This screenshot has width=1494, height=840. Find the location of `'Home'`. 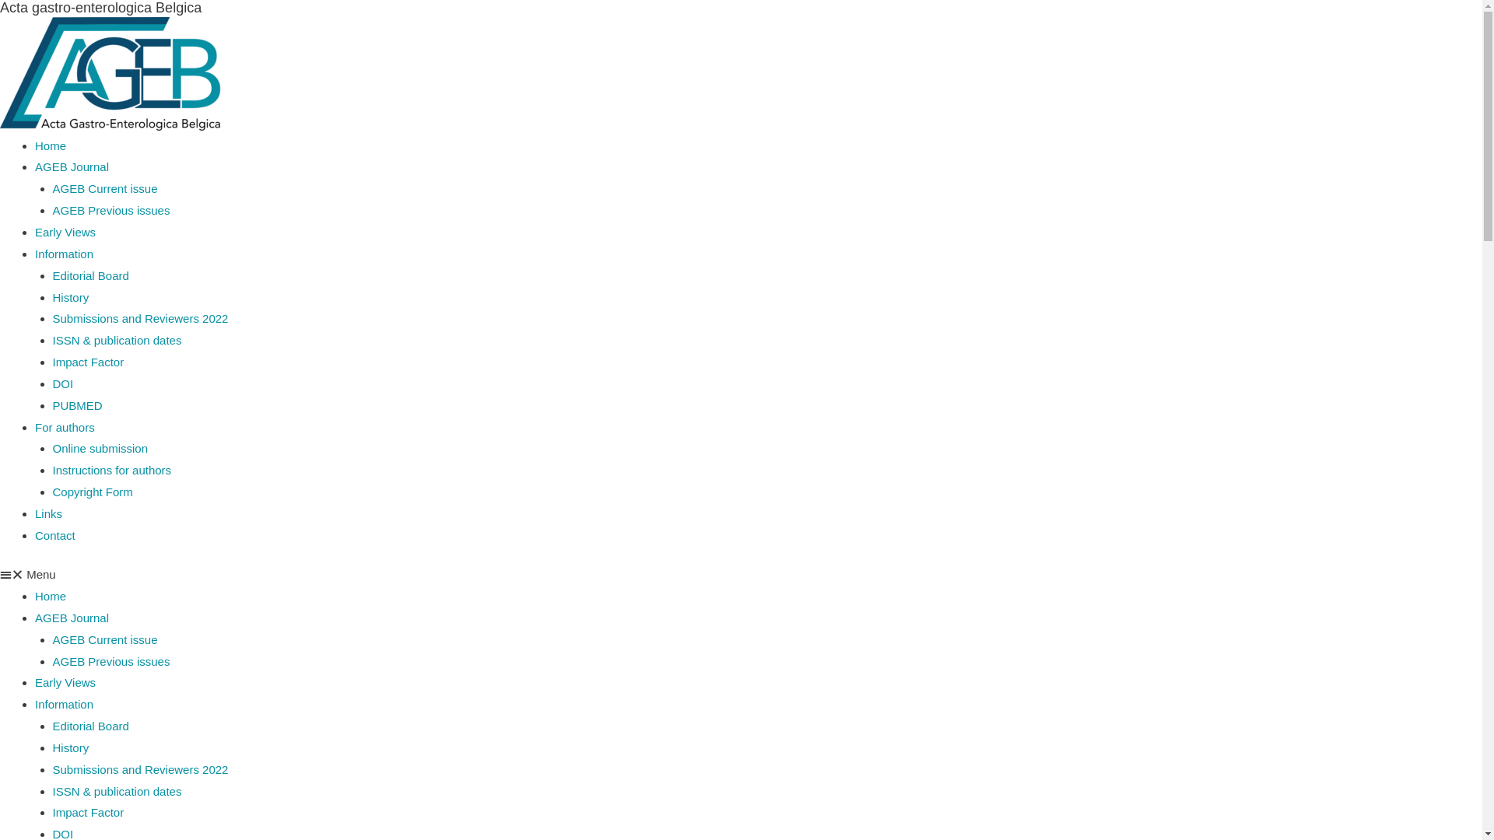

'Home' is located at coordinates (51, 145).